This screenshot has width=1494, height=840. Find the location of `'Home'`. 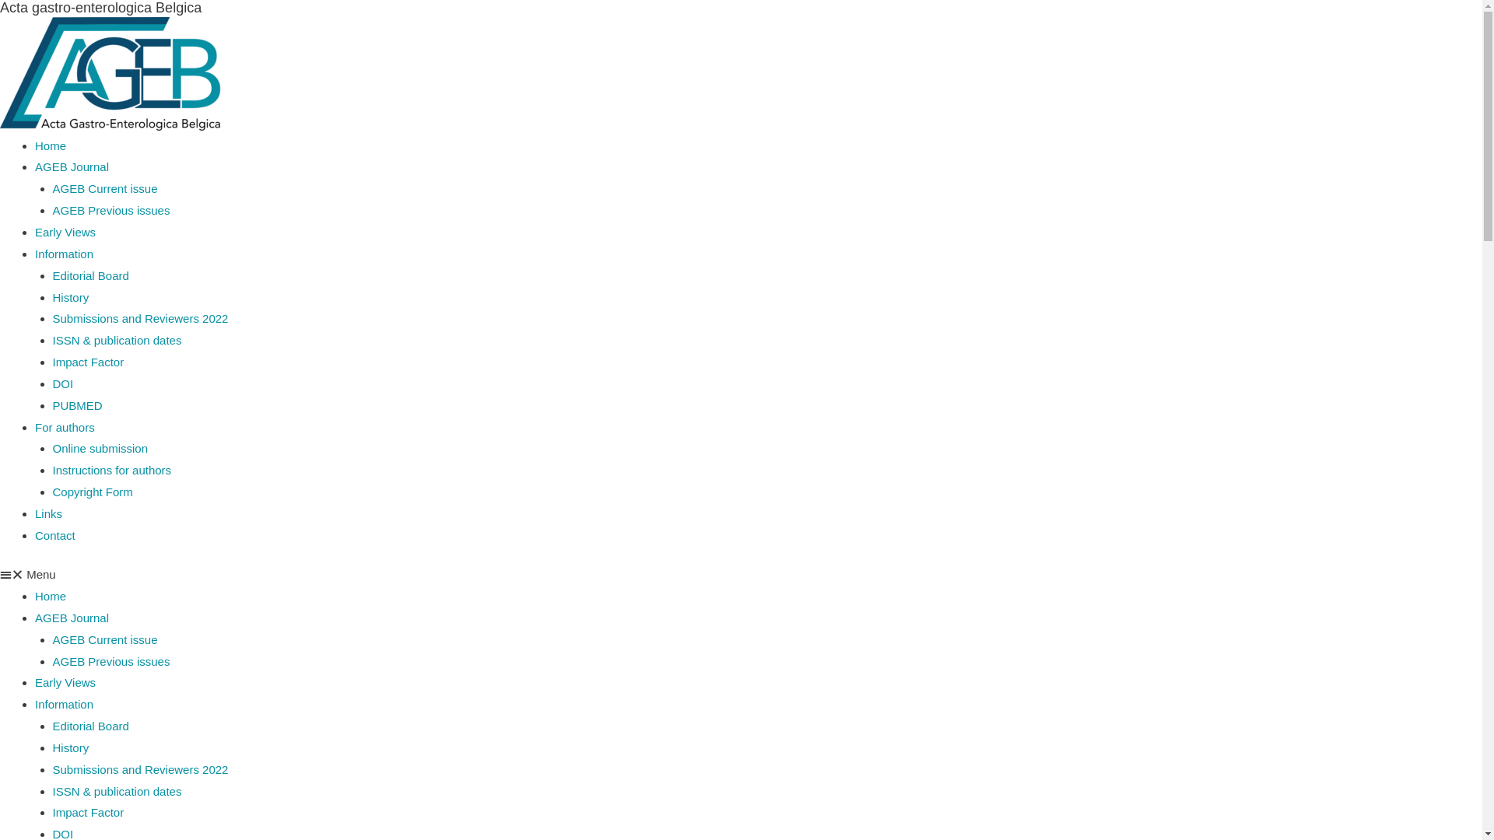

'Home' is located at coordinates (51, 145).